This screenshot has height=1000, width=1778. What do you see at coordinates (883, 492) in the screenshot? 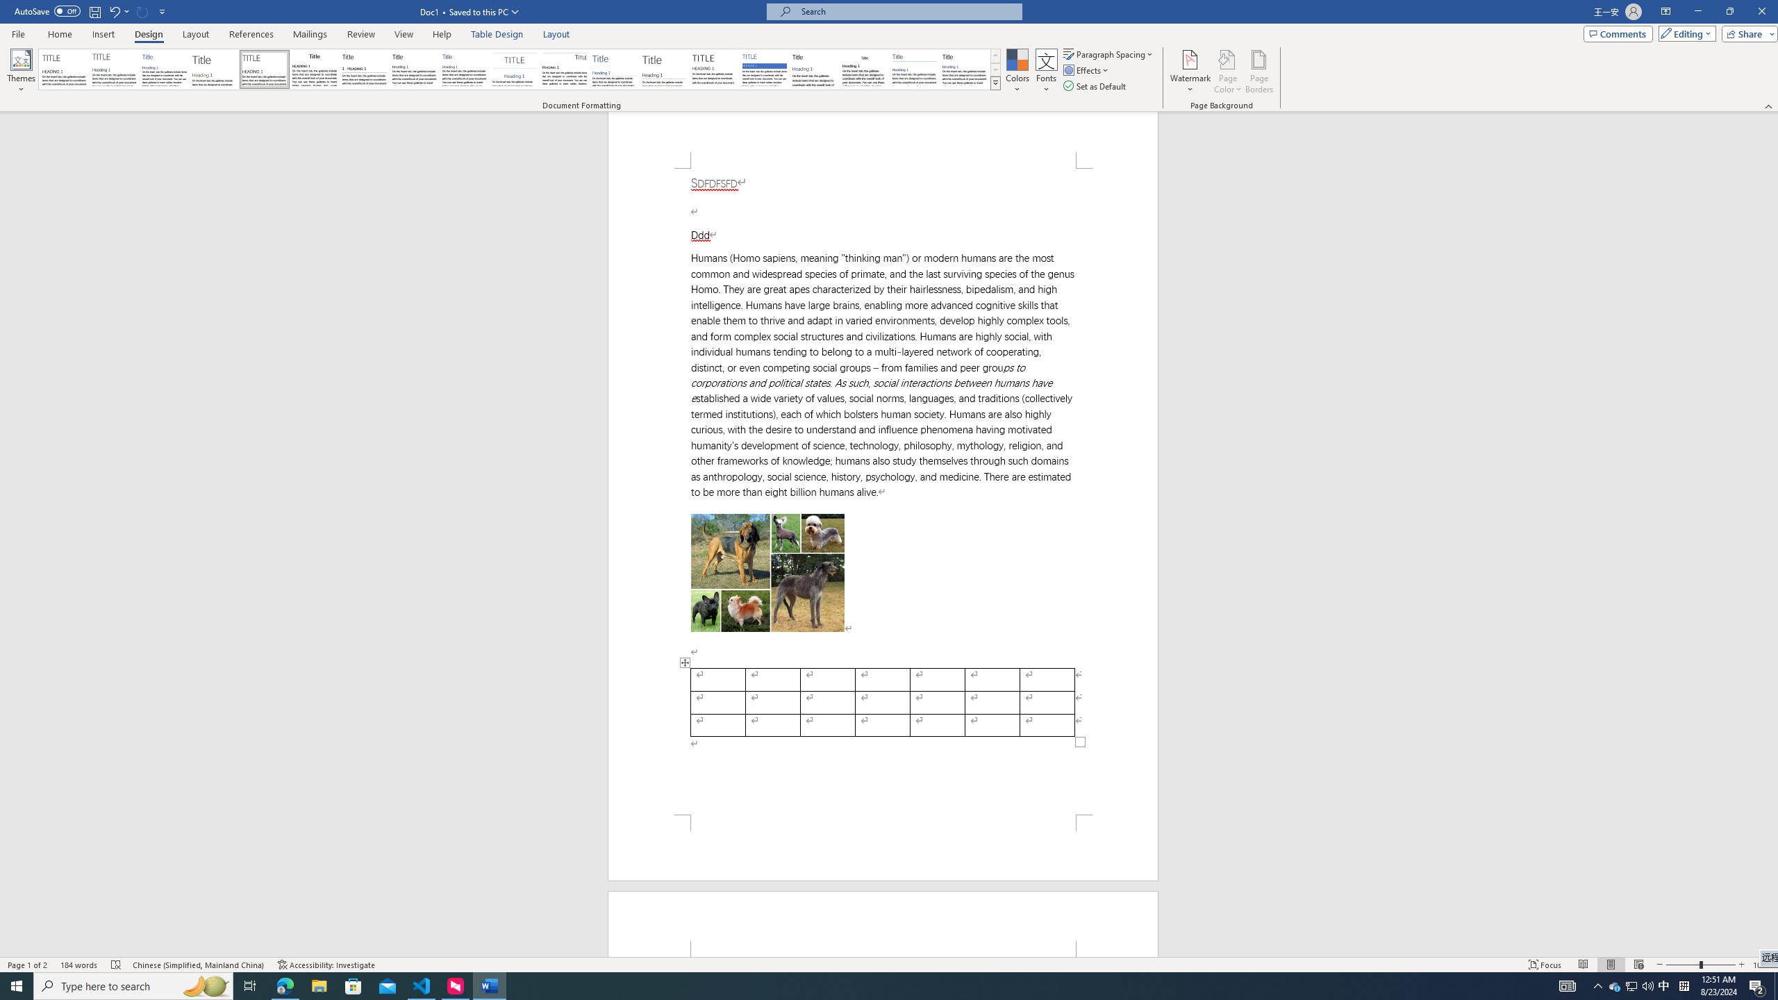
I see `'Page 1 content'` at bounding box center [883, 492].